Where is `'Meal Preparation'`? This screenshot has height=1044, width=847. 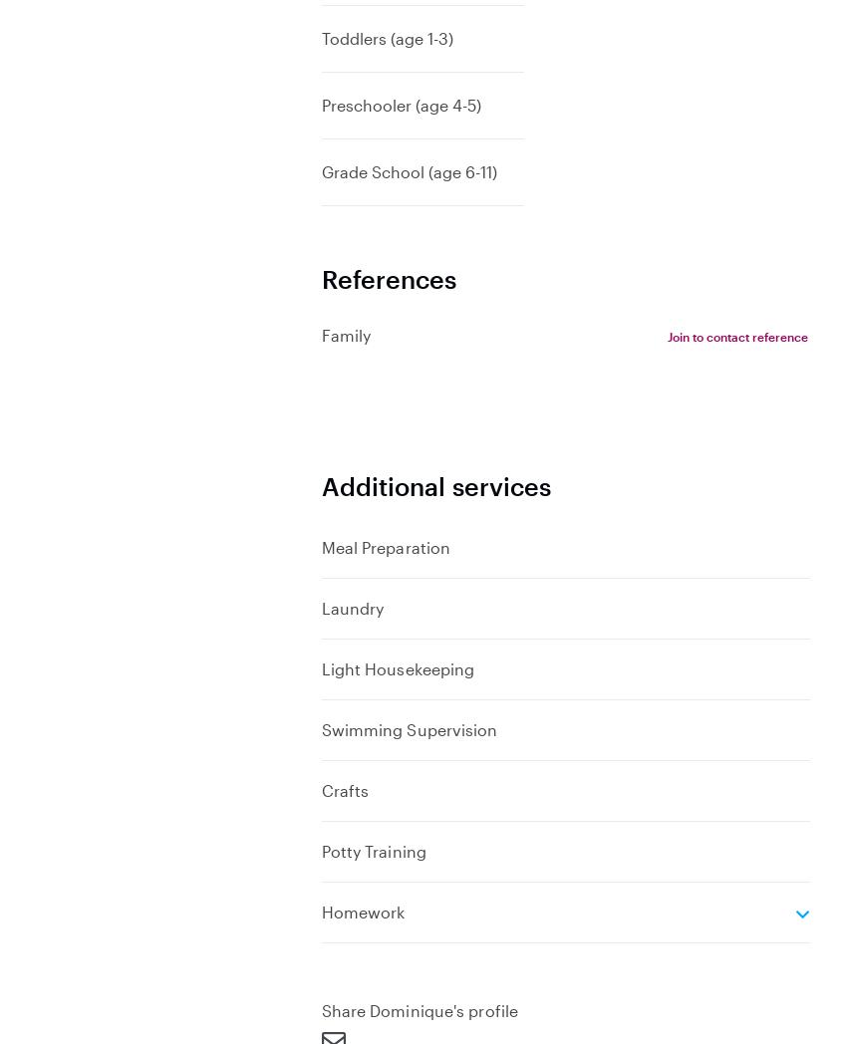
'Meal Preparation' is located at coordinates (386, 545).